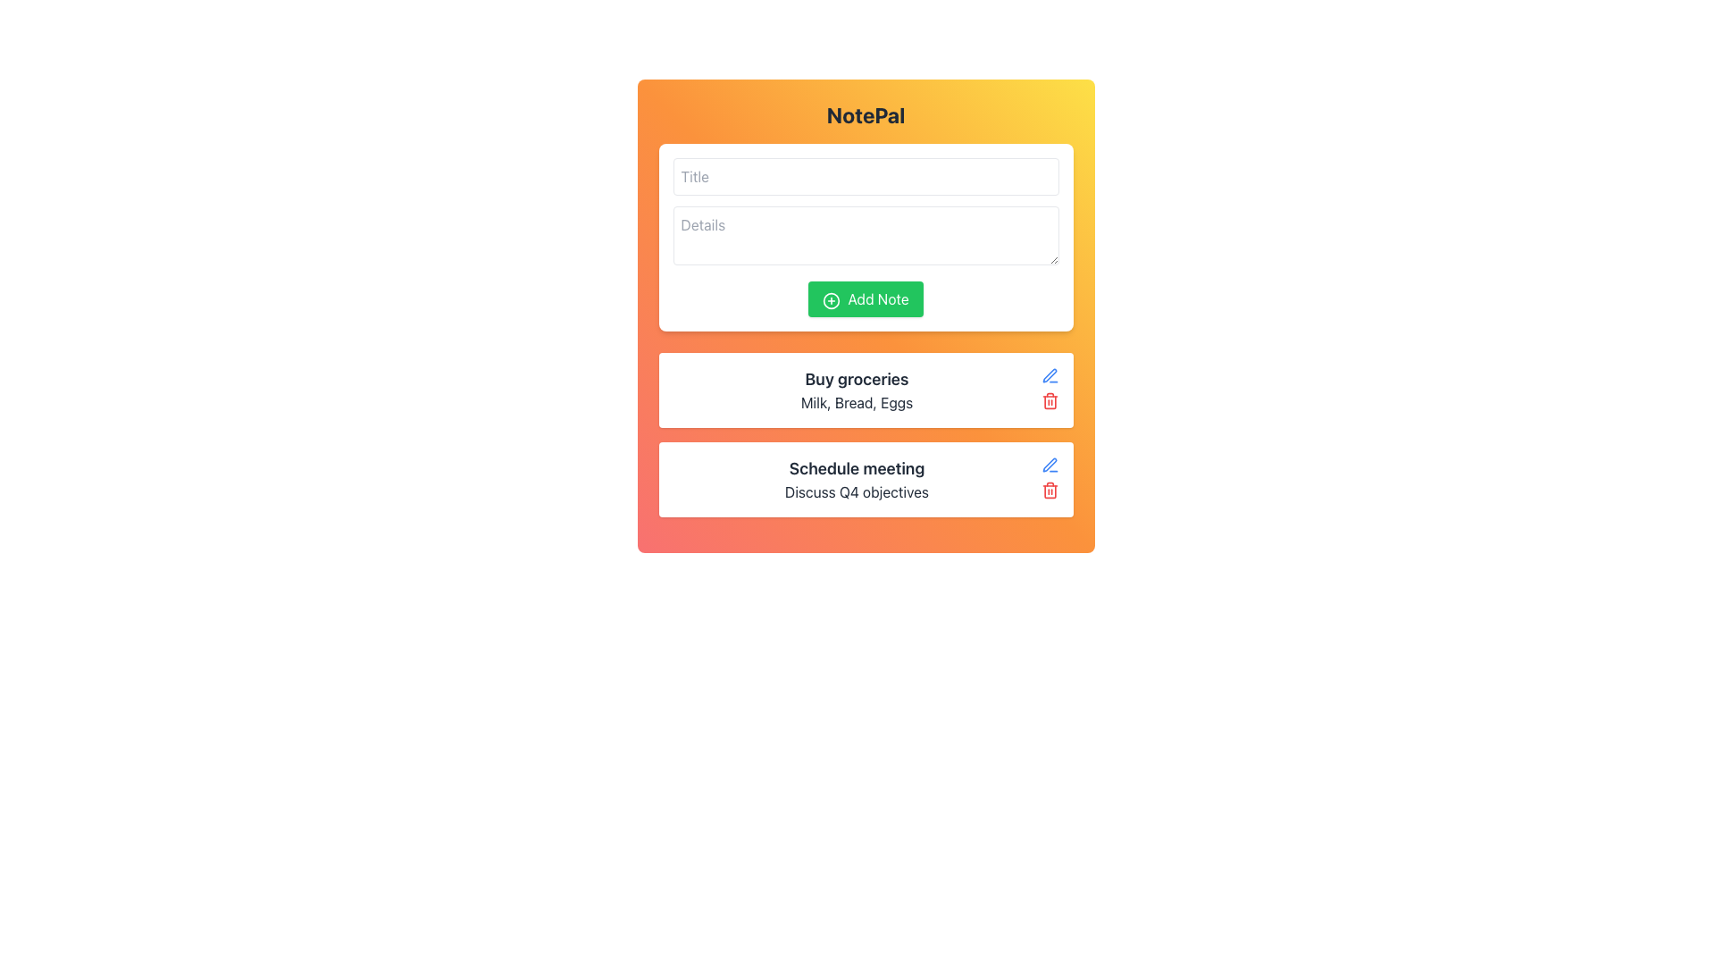 This screenshot has width=1715, height=965. I want to click on the unfilled circle icon with a '+' sign inside it, located to the left of the 'Add Note' button, which is centered below the 'Details' text area, so click(831, 299).